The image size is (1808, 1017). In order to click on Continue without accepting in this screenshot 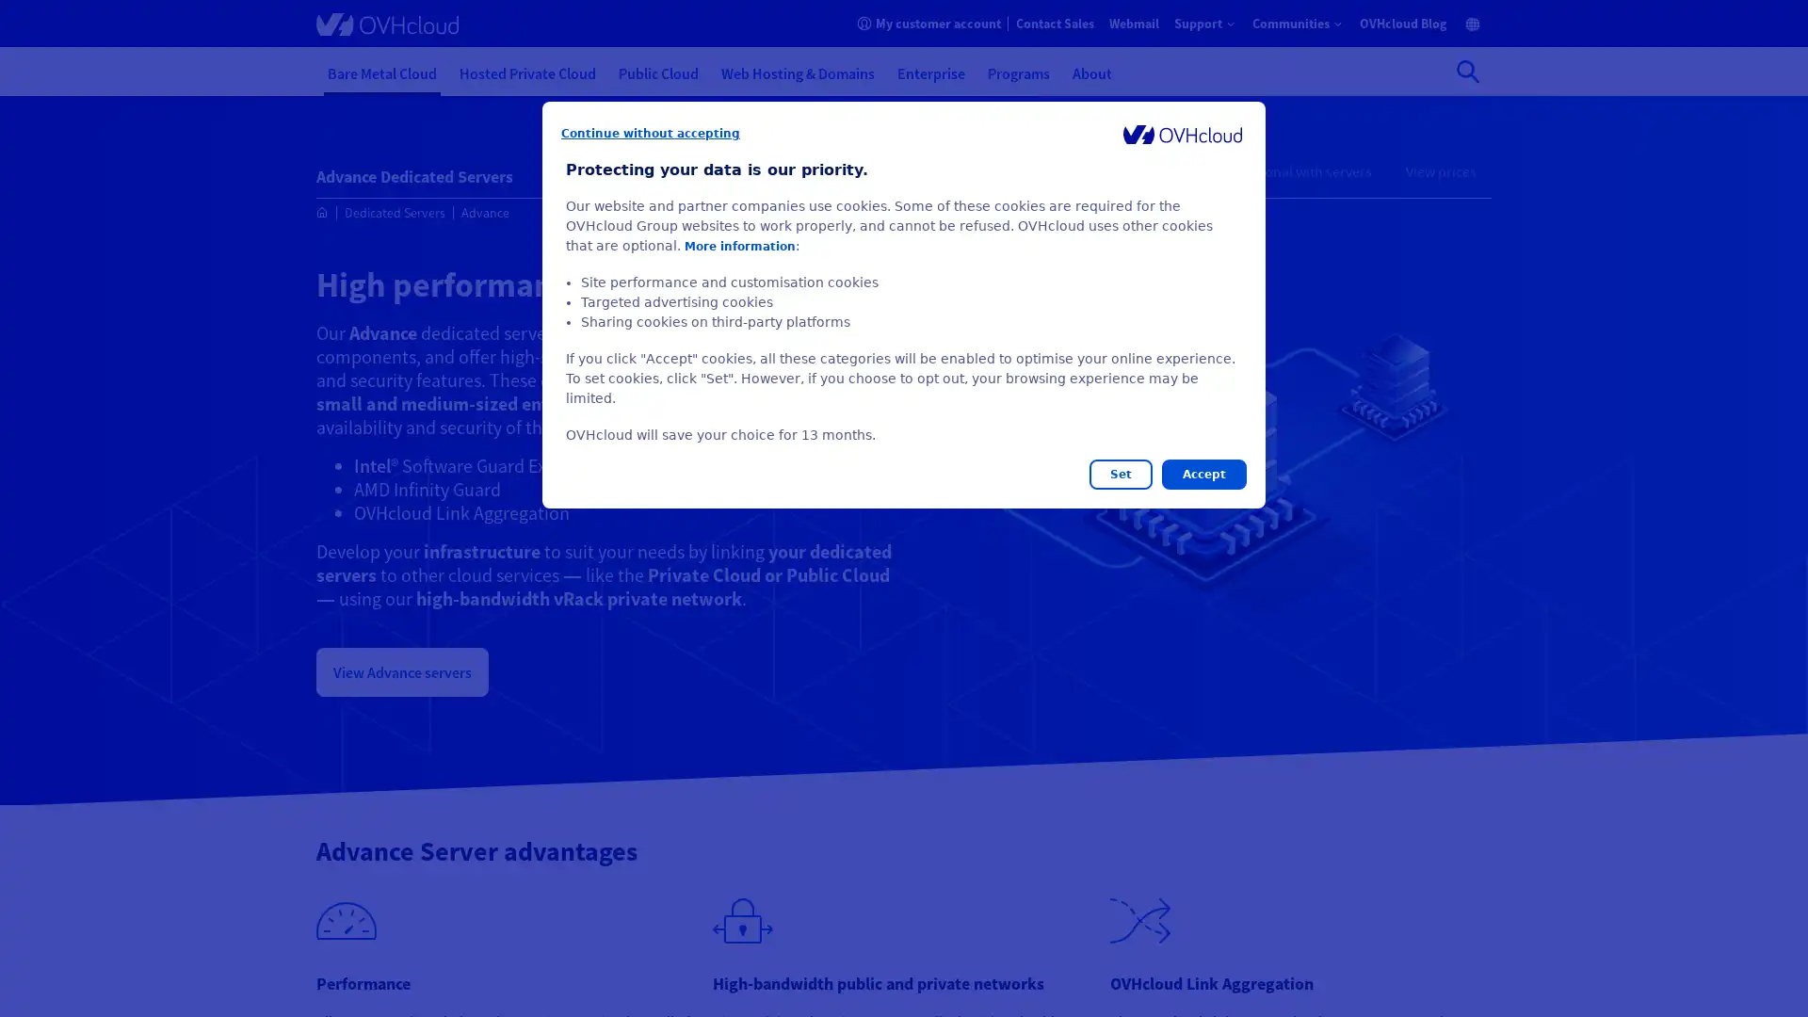, I will do `click(651, 133)`.